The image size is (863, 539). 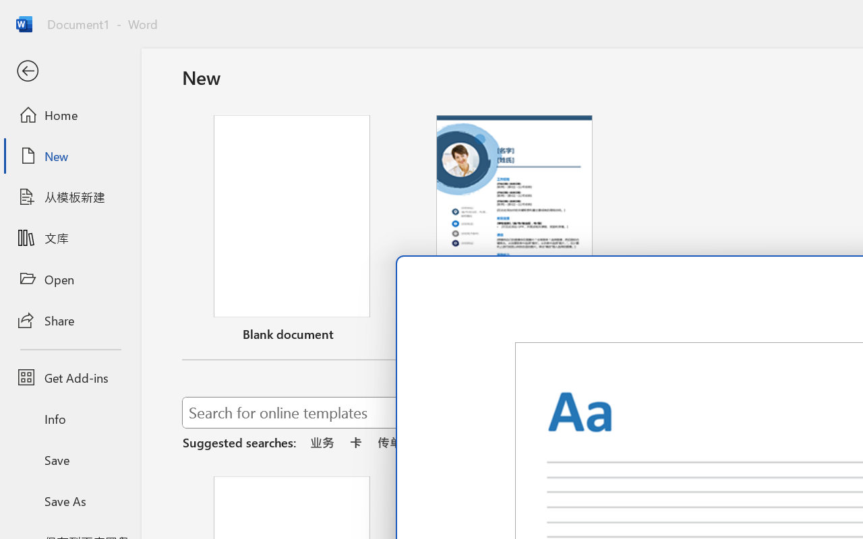 What do you see at coordinates (69, 418) in the screenshot?
I see `'Info'` at bounding box center [69, 418].